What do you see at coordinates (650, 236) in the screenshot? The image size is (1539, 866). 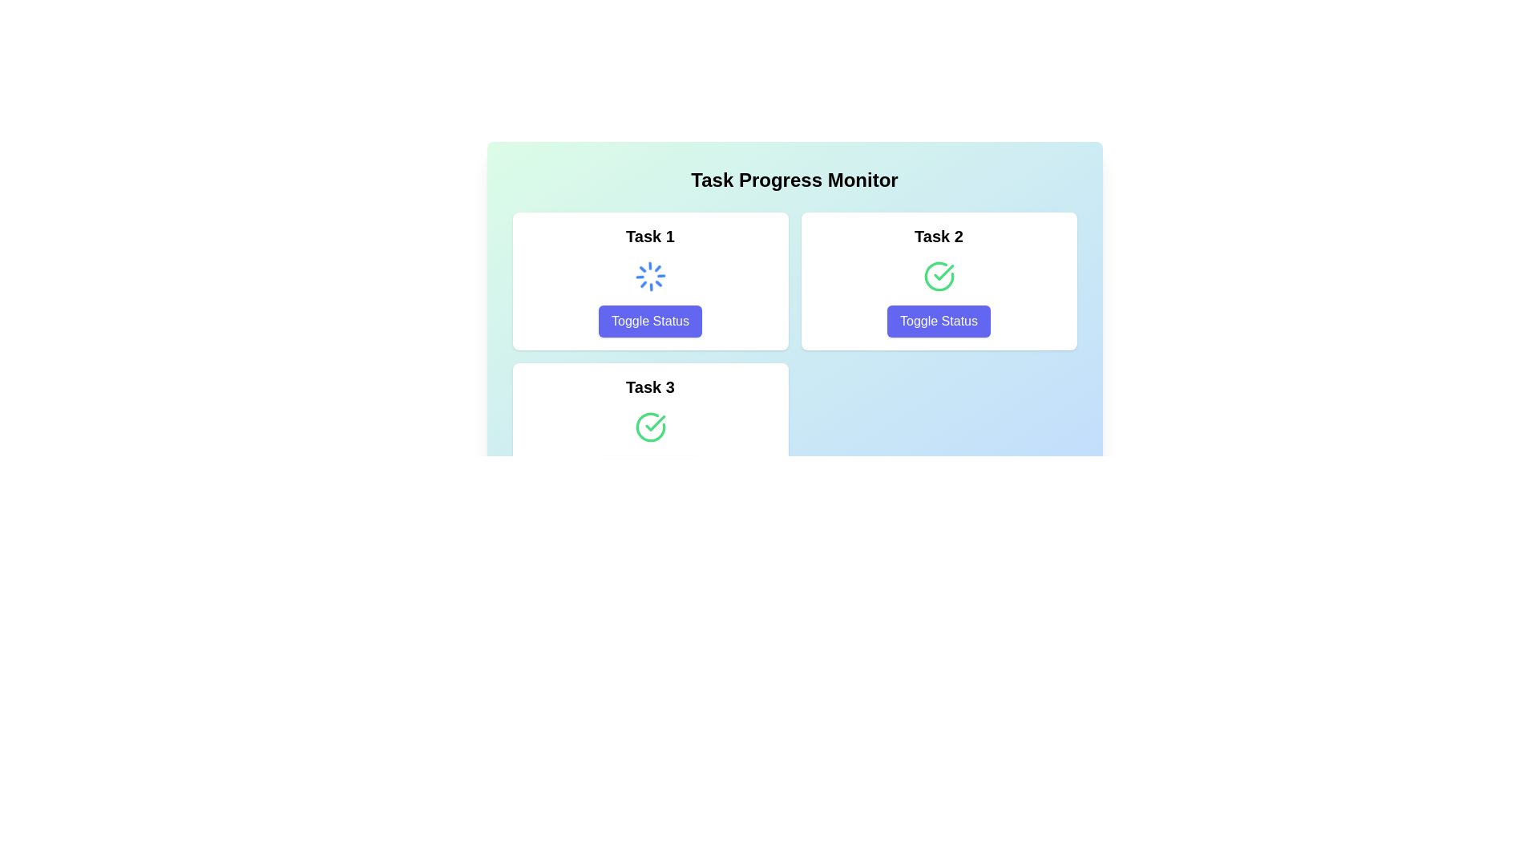 I see `the 'Task 1' text label, which is styled with a larger font size and bold formatting, located in the top left card of the task grid layout` at bounding box center [650, 236].